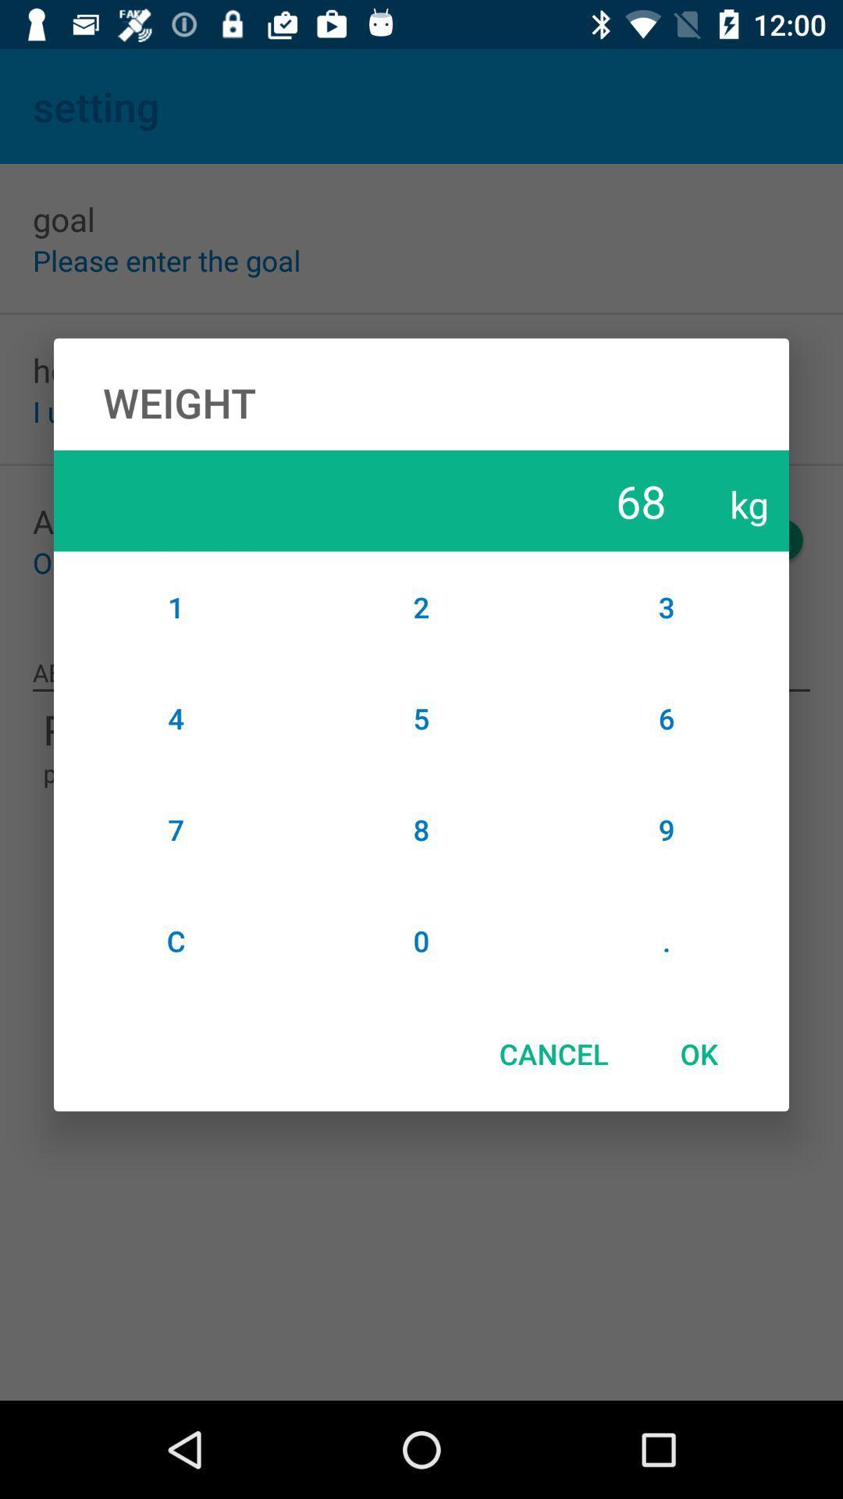 The width and height of the screenshot is (843, 1499). What do you see at coordinates (176, 828) in the screenshot?
I see `item to the left of the 5 icon` at bounding box center [176, 828].